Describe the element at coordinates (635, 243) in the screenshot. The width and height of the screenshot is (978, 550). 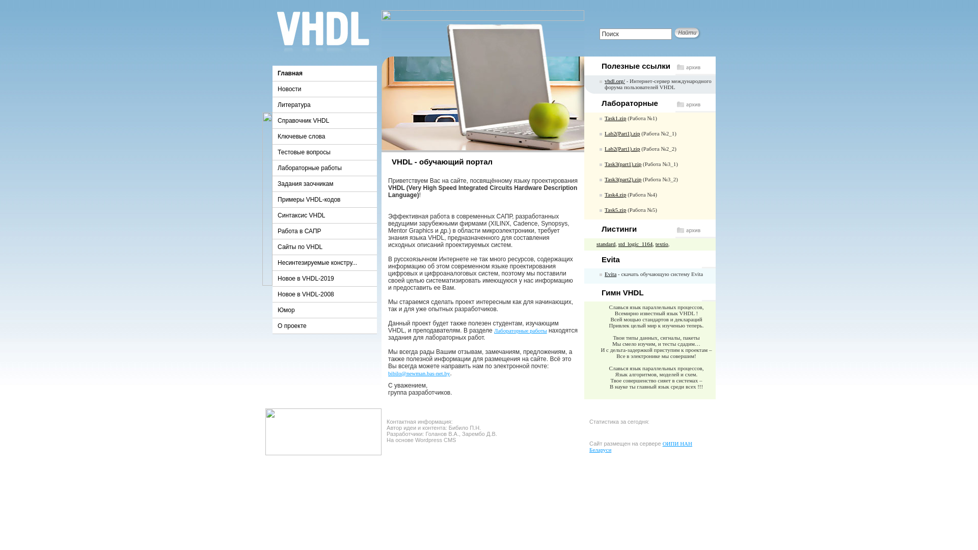
I see `'std_logic_1164'` at that location.